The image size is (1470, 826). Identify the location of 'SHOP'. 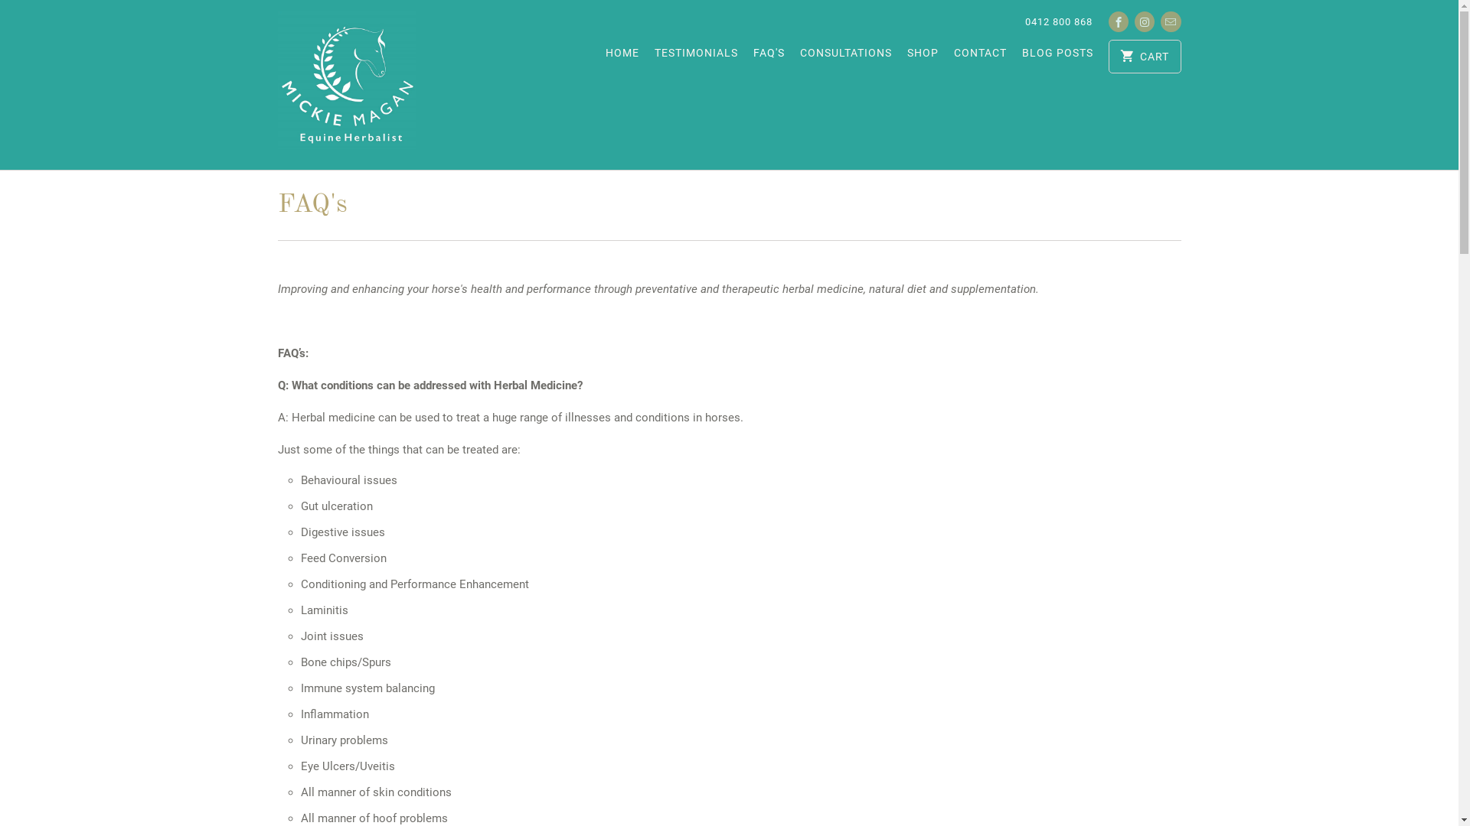
(922, 55).